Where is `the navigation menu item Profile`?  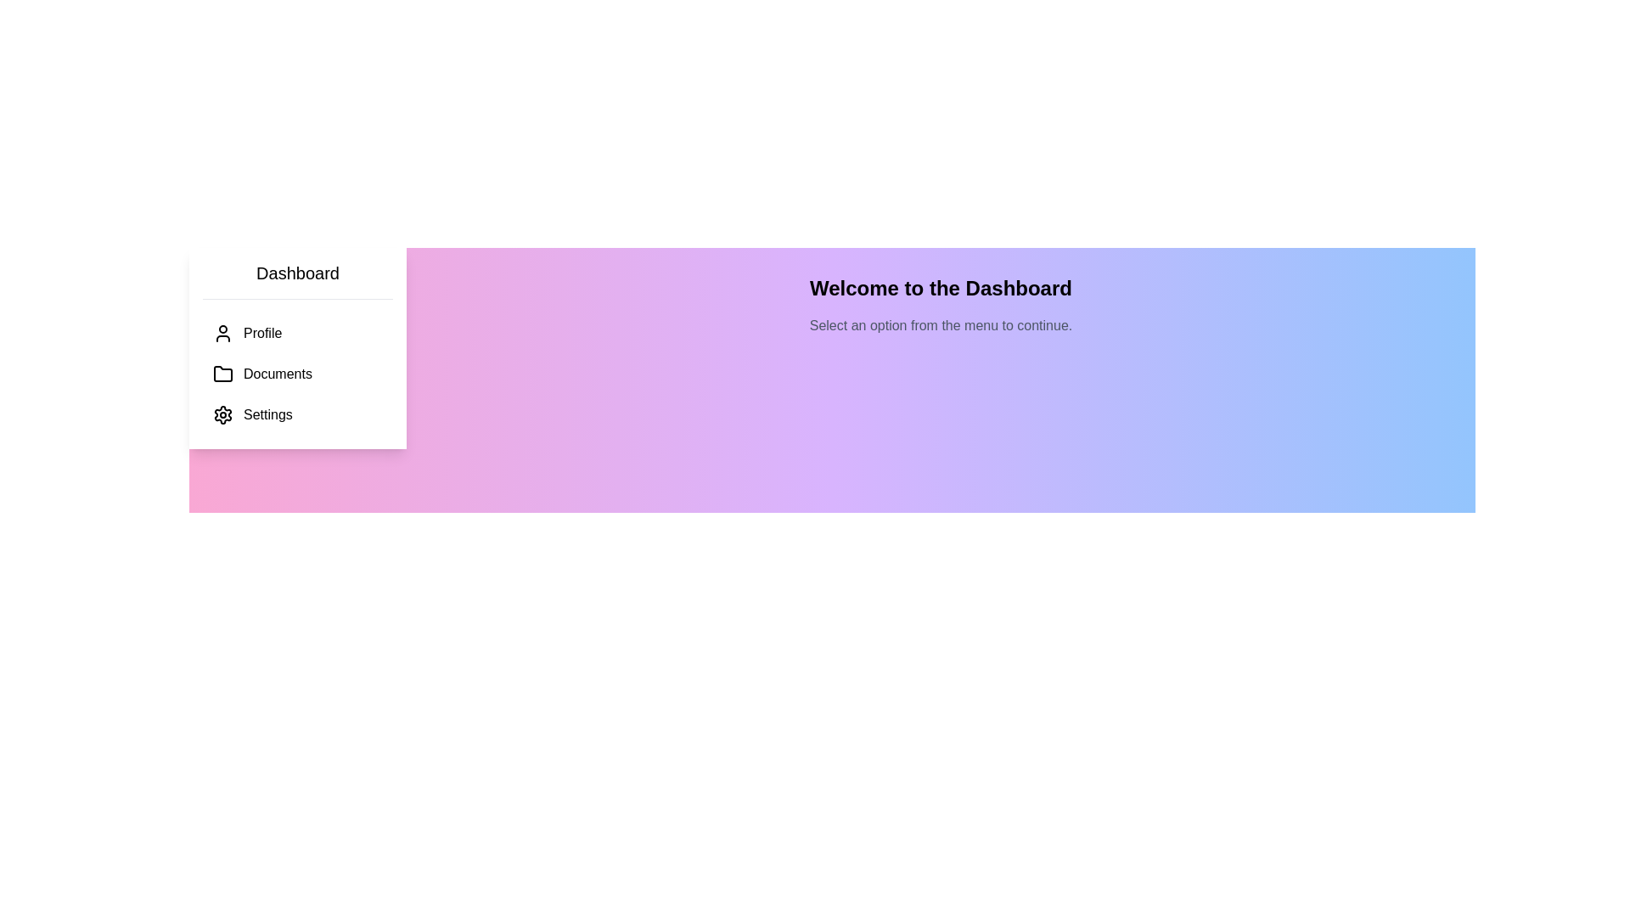
the navigation menu item Profile is located at coordinates (297, 334).